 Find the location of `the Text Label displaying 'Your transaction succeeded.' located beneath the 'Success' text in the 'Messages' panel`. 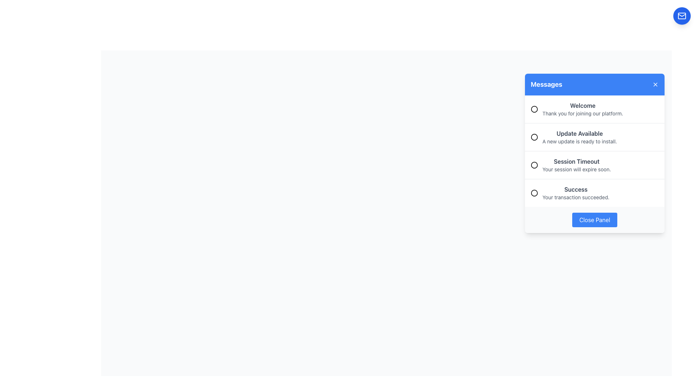

the Text Label displaying 'Your transaction succeeded.' located beneath the 'Success' text in the 'Messages' panel is located at coordinates (575, 197).